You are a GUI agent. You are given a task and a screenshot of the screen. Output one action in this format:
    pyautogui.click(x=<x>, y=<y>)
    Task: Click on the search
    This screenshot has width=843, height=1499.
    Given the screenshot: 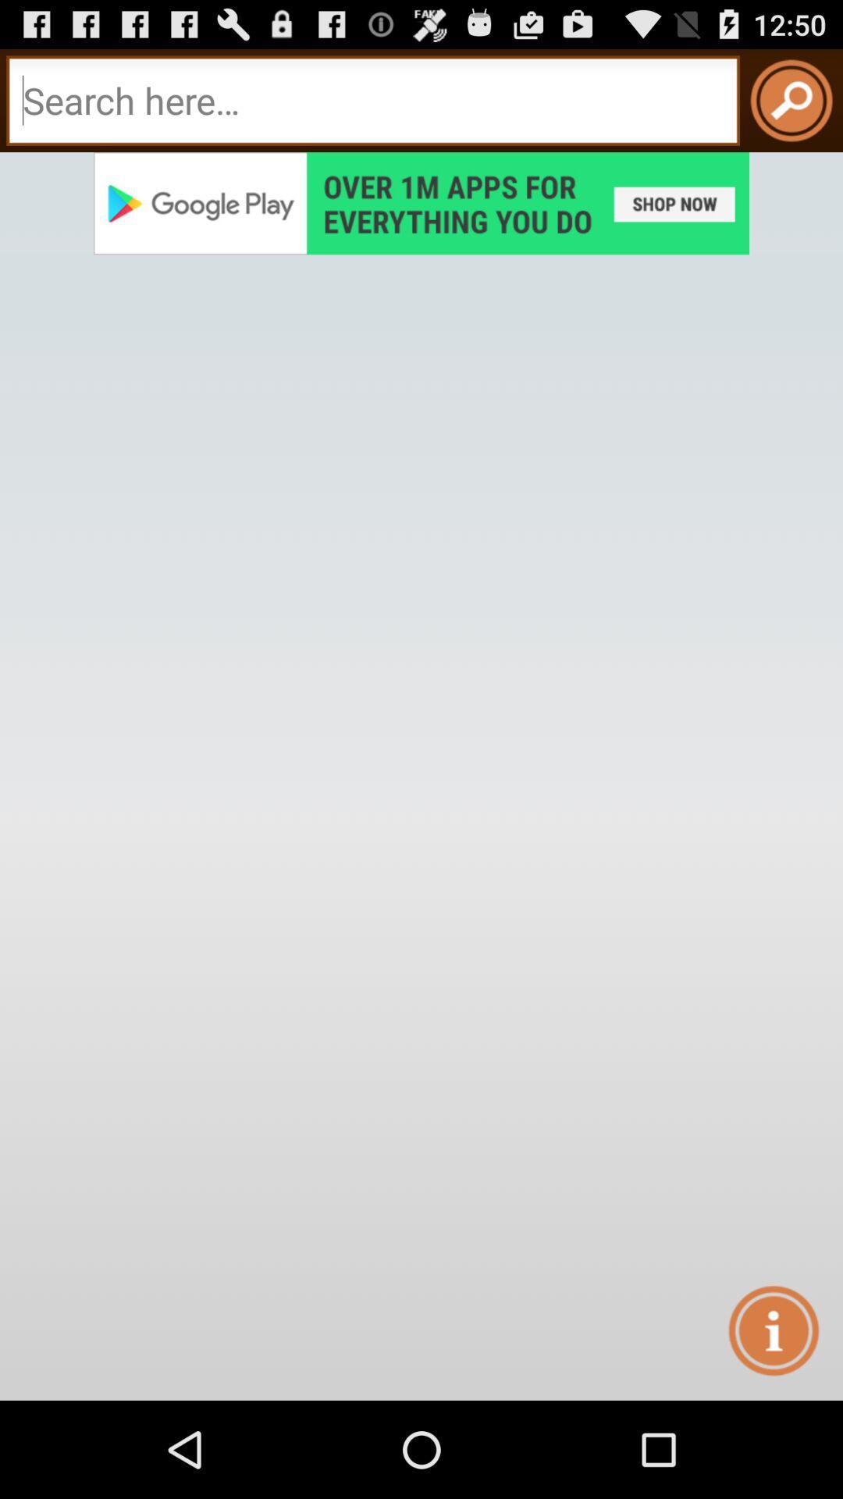 What is the action you would take?
    pyautogui.click(x=791, y=100)
    